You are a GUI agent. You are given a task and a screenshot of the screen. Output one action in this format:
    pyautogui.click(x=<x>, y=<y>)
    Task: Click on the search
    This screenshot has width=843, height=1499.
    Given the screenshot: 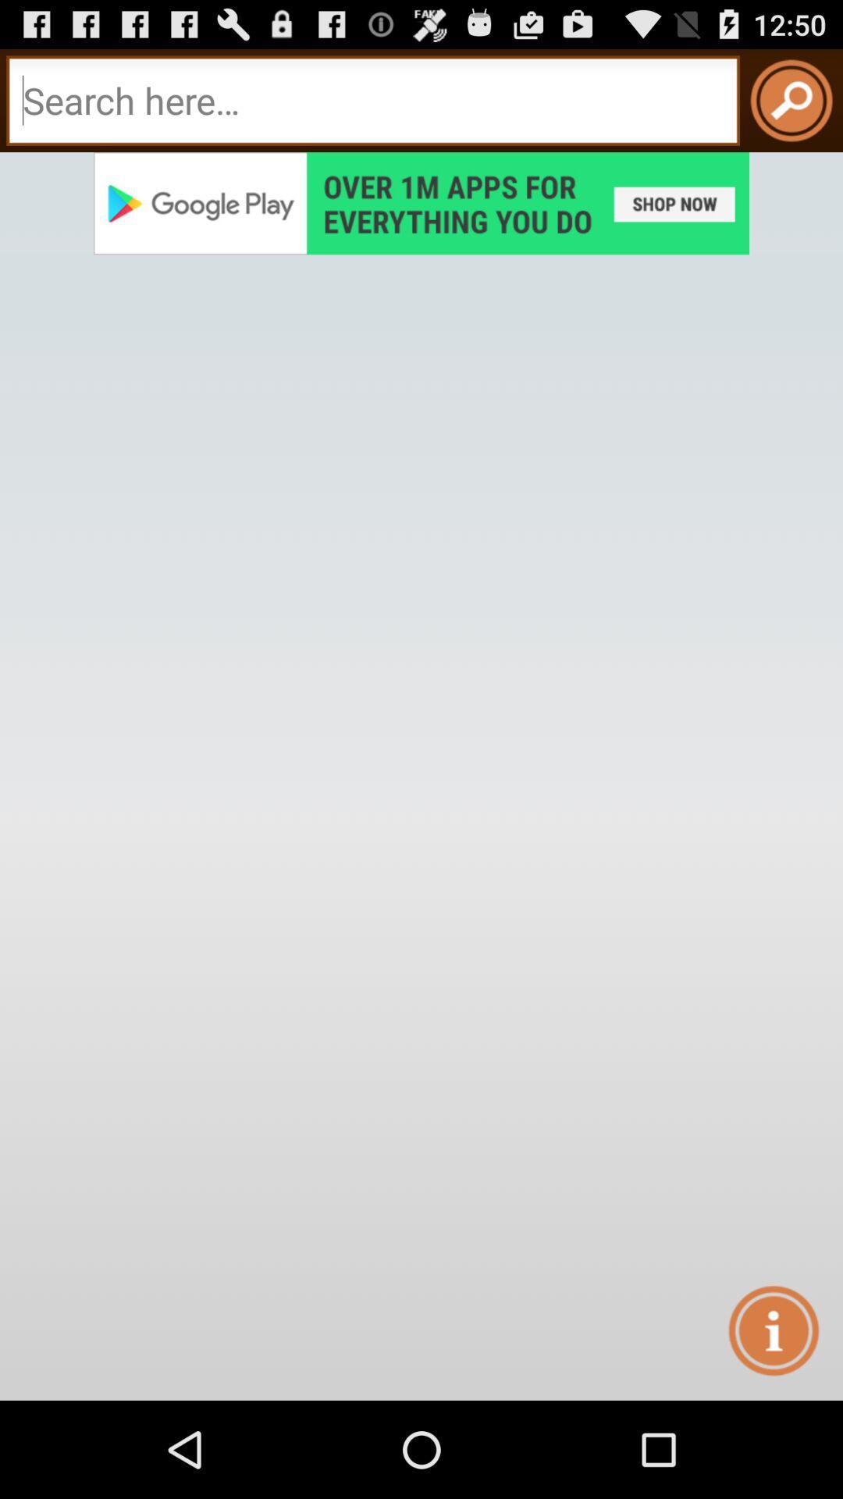 What is the action you would take?
    pyautogui.click(x=791, y=100)
    